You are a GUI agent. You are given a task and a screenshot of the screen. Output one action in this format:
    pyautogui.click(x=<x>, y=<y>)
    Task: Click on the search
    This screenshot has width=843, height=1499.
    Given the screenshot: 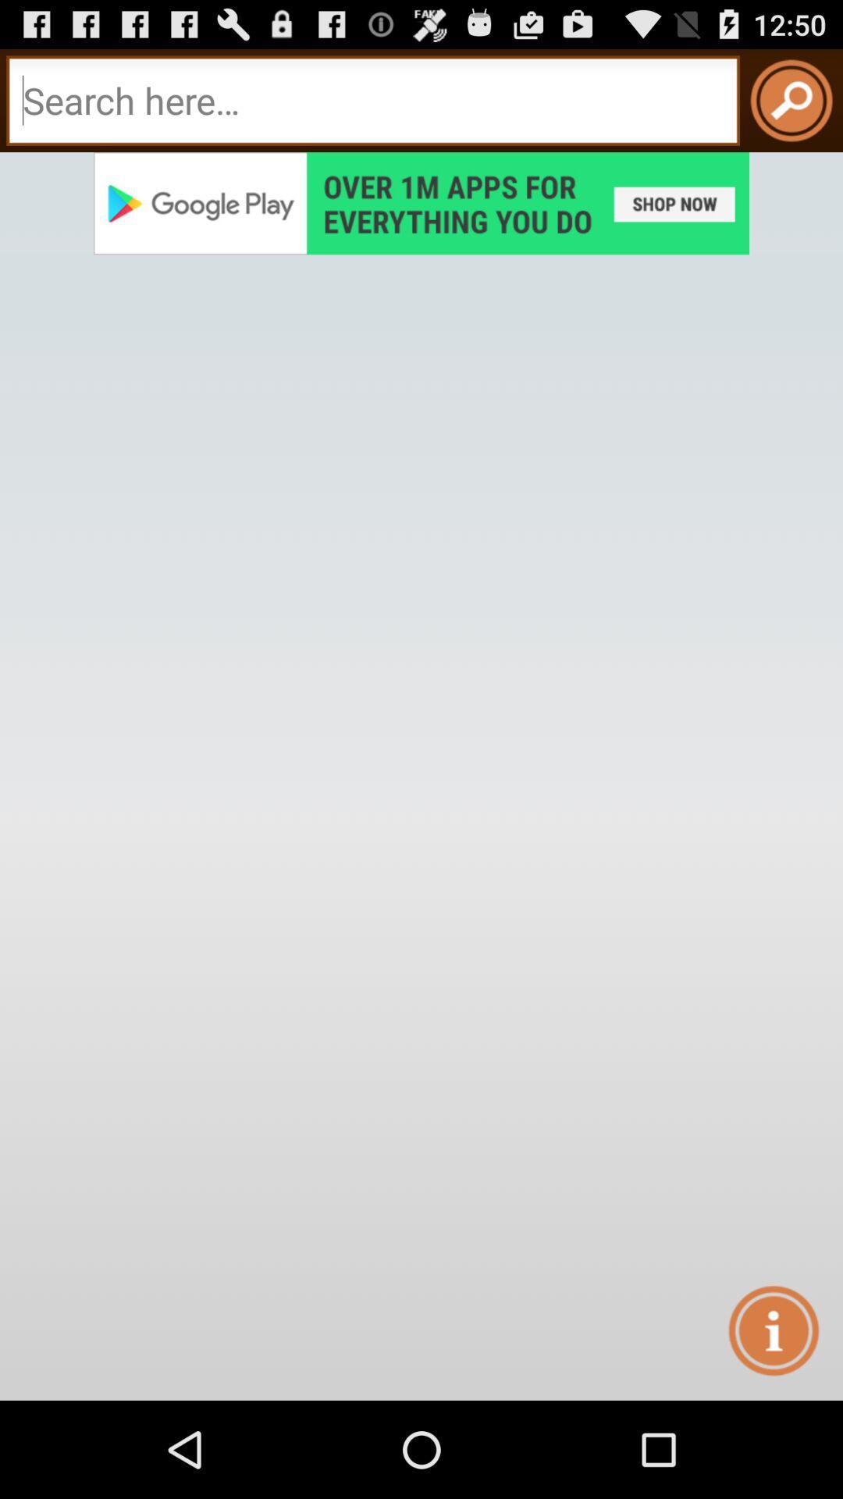 What is the action you would take?
    pyautogui.click(x=791, y=100)
    